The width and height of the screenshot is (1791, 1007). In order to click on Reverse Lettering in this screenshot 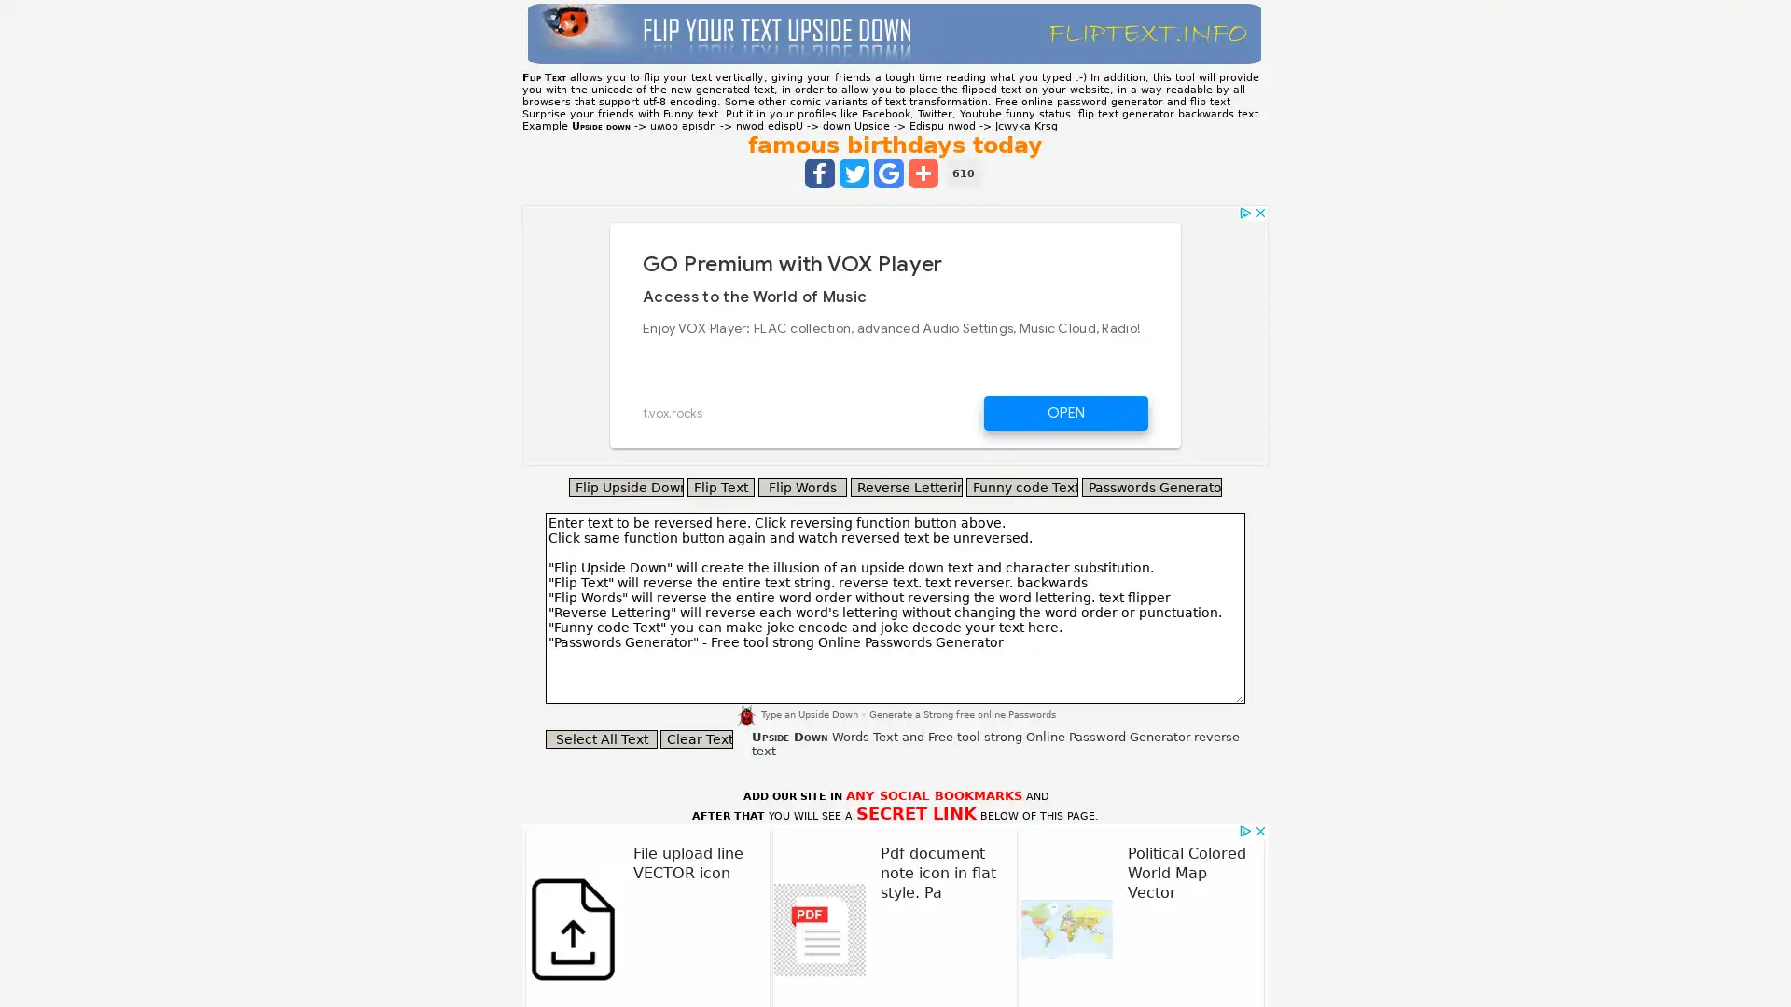, I will do `click(906, 487)`.